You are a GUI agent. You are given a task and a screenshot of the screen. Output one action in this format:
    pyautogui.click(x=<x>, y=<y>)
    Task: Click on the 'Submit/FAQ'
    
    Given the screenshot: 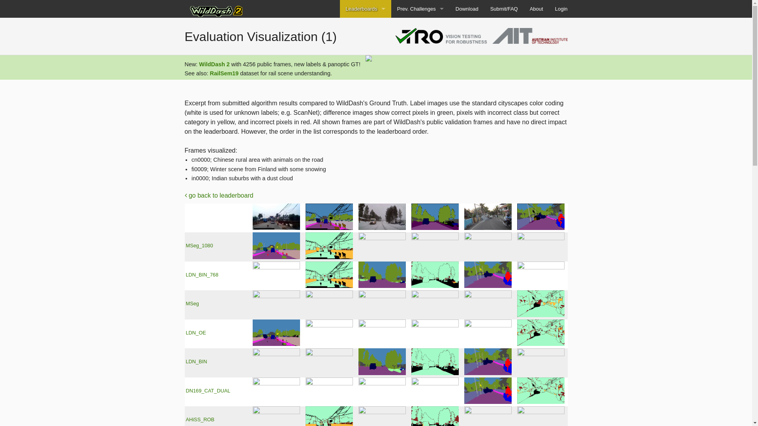 What is the action you would take?
    pyautogui.click(x=503, y=9)
    